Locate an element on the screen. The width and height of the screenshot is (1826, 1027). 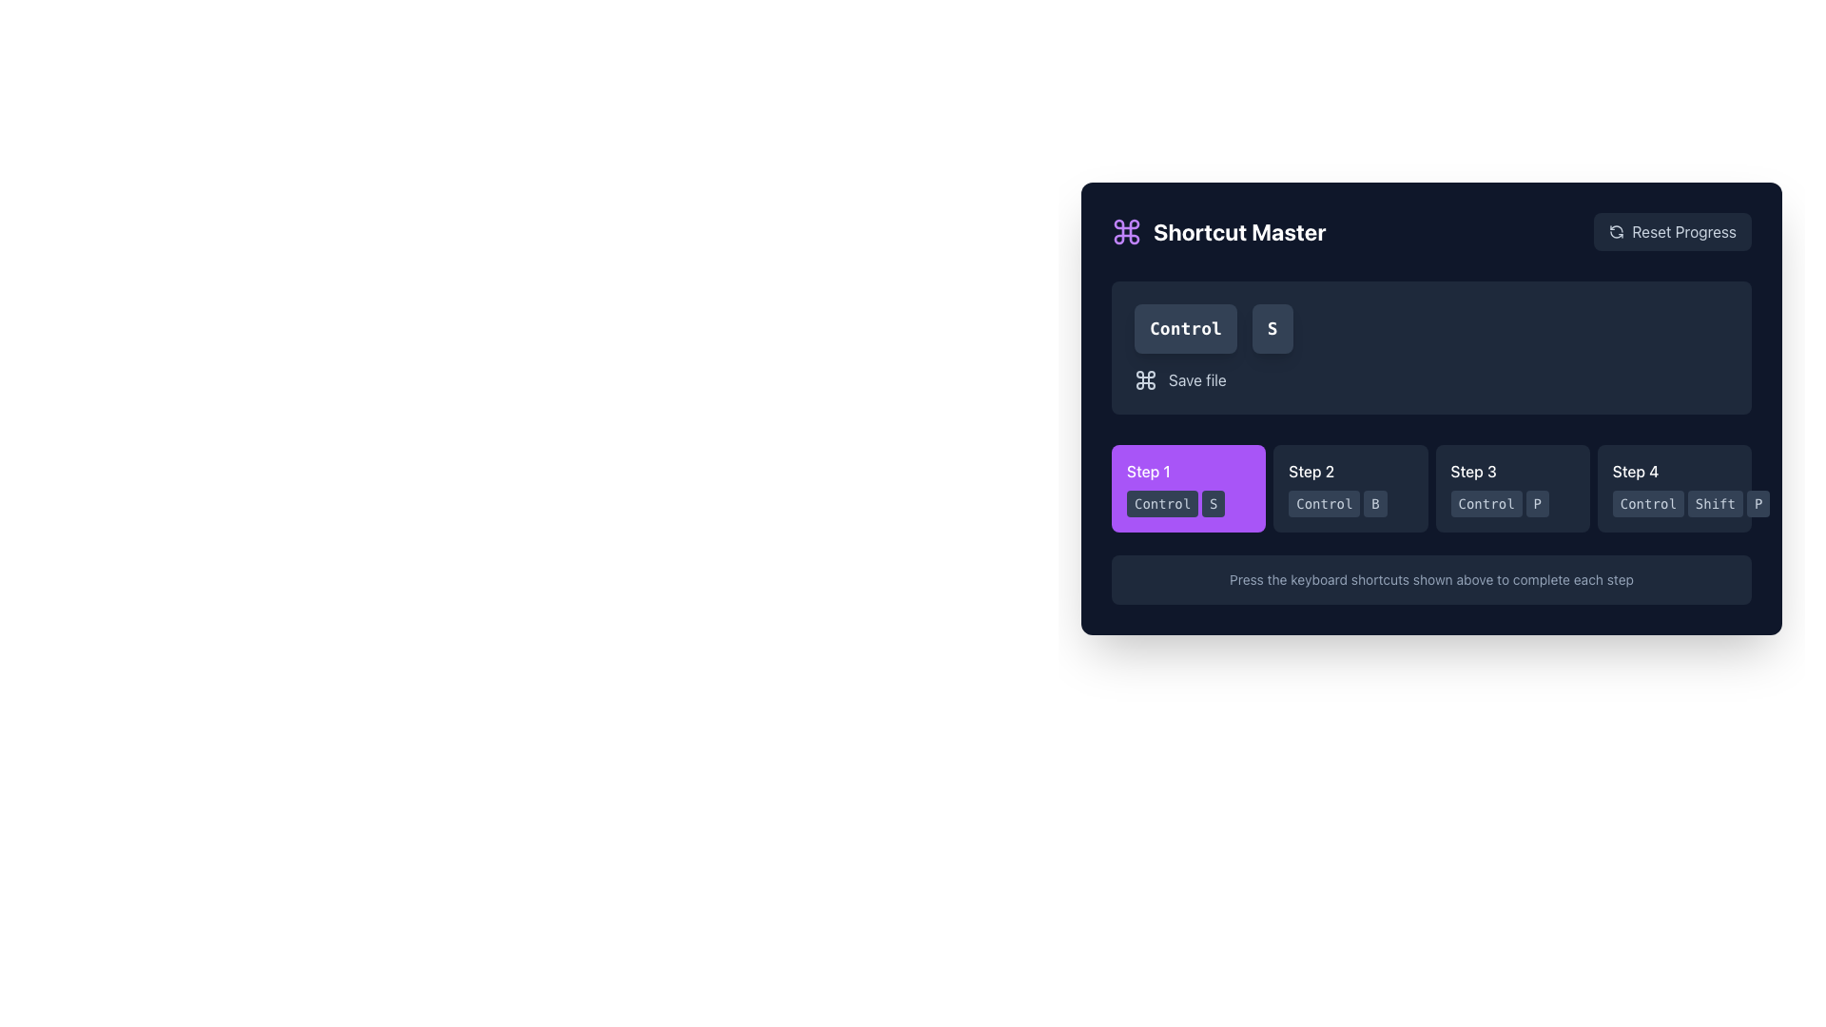
the SVG icon located in the top-left corner near the title text 'Shortcut Master', which serves as a visual representation for the application is located at coordinates (1144, 380).